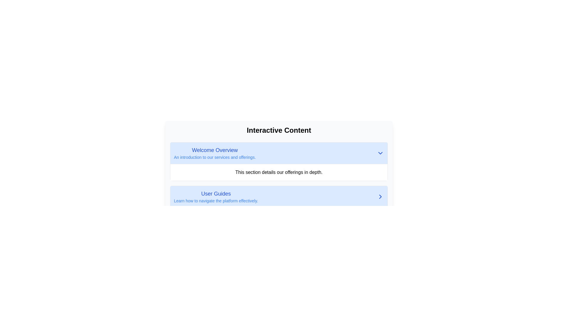 This screenshot has height=320, width=568. Describe the element at coordinates (380, 196) in the screenshot. I see `the SVG chevron button located in the 'User Guides' section of the 'Interactive Content' panel` at that location.